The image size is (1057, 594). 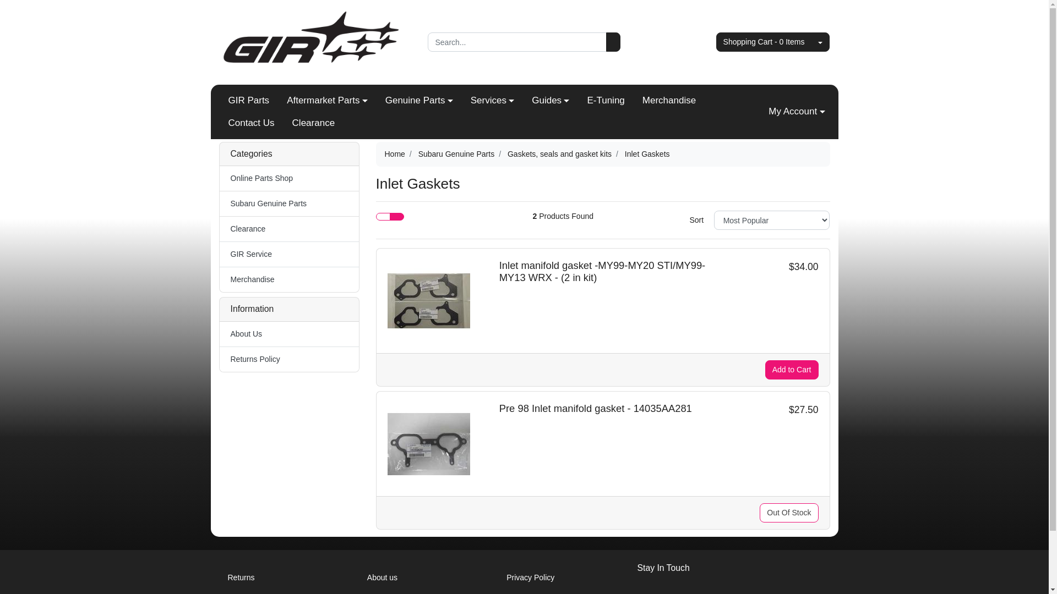 What do you see at coordinates (559, 154) in the screenshot?
I see `'Gaskets, seals and gasket kits'` at bounding box center [559, 154].